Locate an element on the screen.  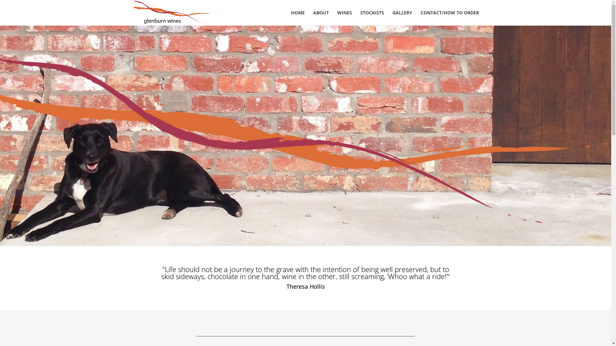
'WINES' is located at coordinates (344, 18).